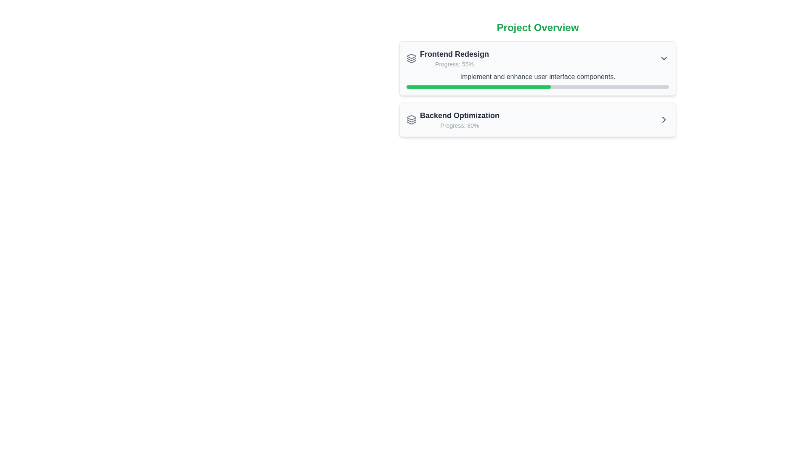  I want to click on the small gray icon resembling layered sheets located to the left of the 'Frontend Redesign' text, so click(412, 58).